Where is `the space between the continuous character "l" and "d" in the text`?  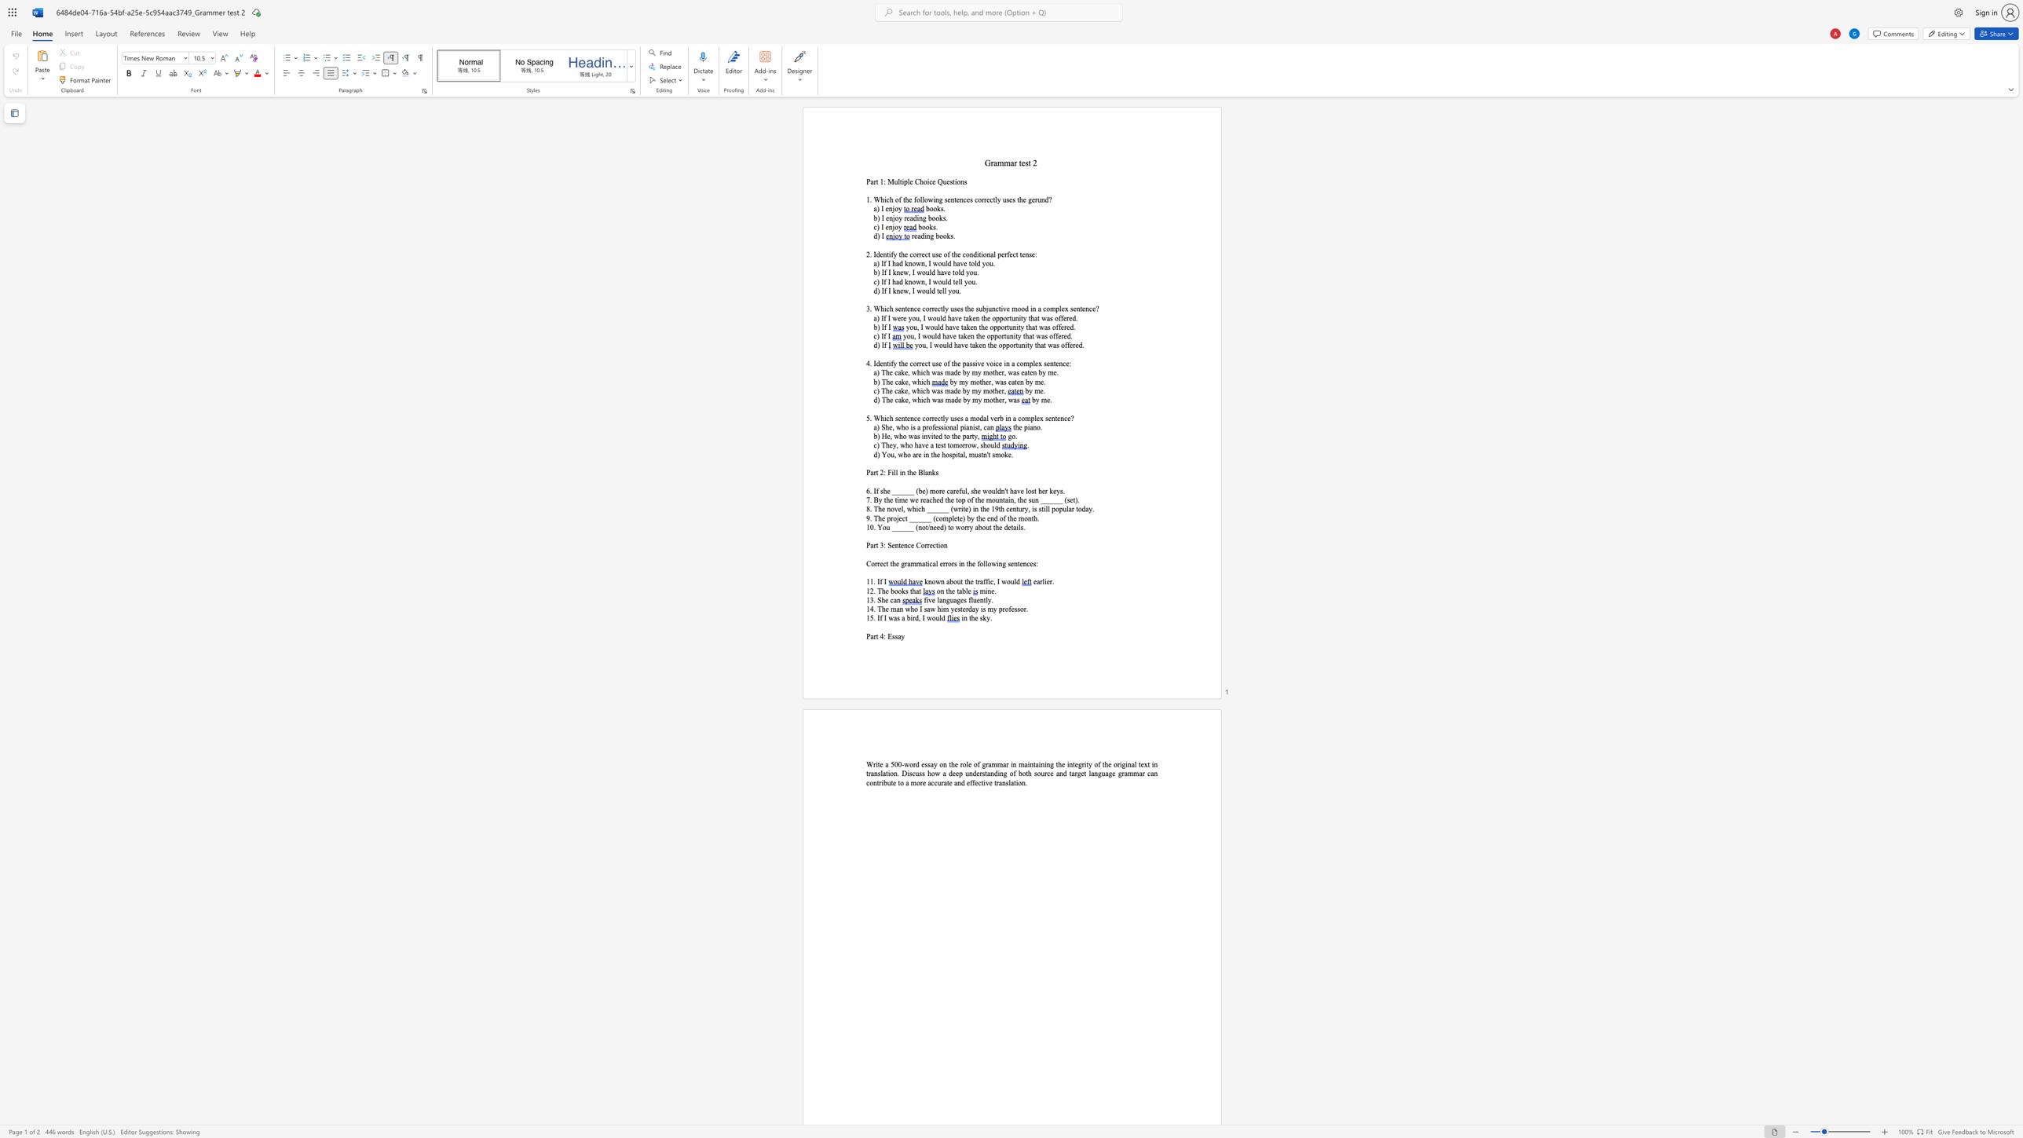 the space between the continuous character "l" and "d" in the text is located at coordinates (942, 617).